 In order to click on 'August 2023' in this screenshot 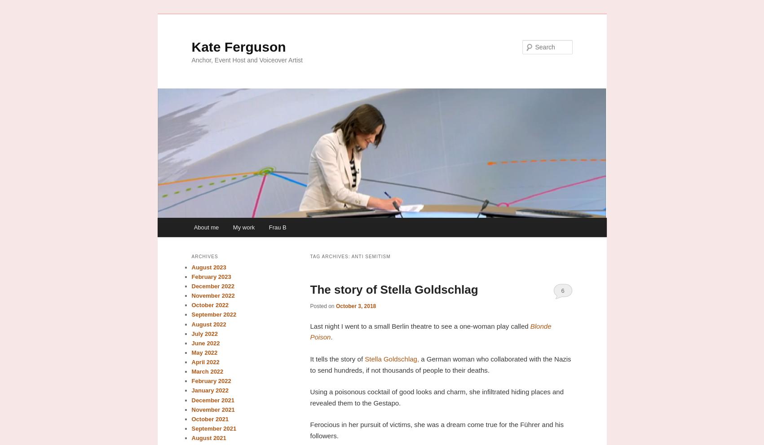, I will do `click(208, 267)`.